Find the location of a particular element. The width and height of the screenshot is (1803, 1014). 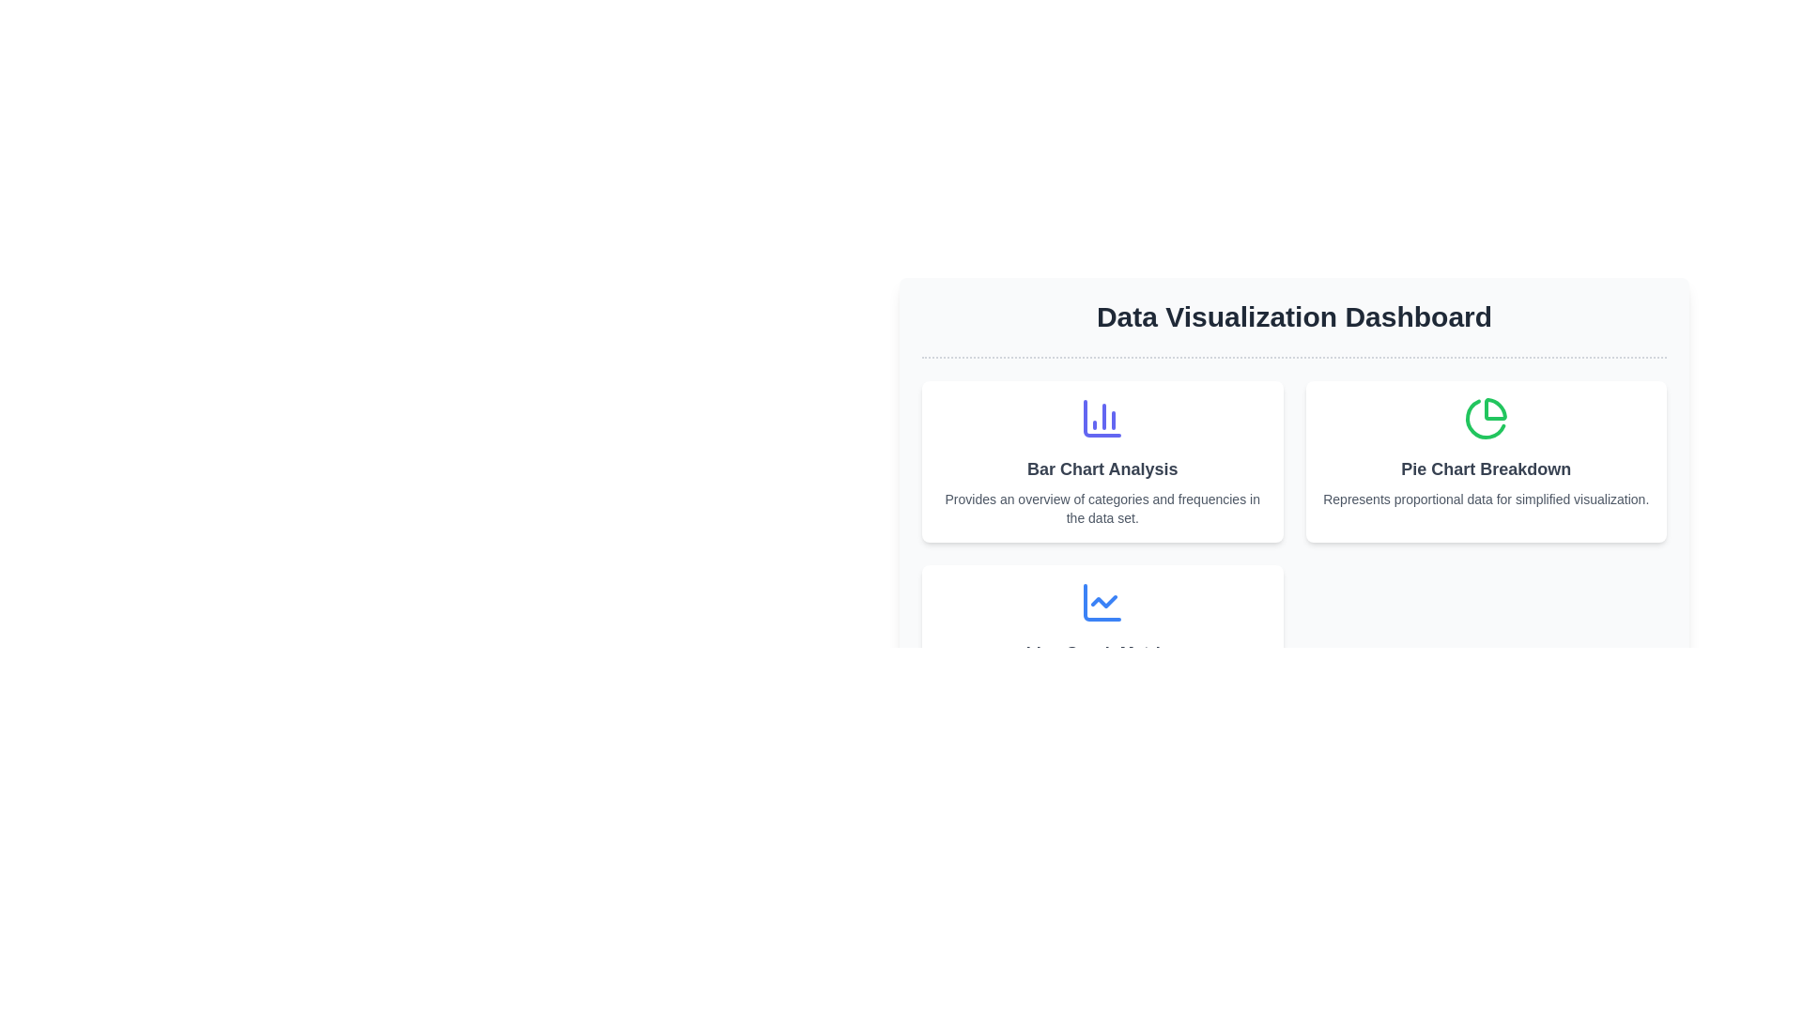

the pie chart icon located in the 'Pie Chart Breakdown' section on the right panel of the interface is located at coordinates (1484, 418).